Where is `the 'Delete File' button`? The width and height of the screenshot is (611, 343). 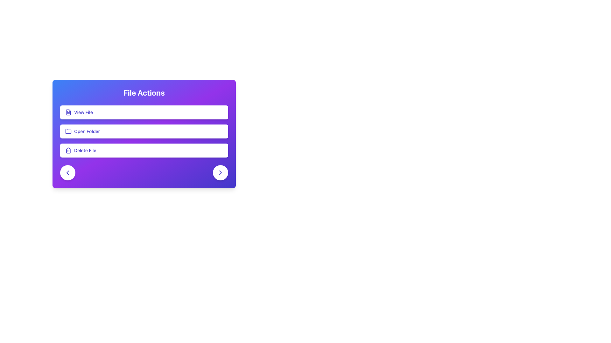
the 'Delete File' button is located at coordinates (144, 151).